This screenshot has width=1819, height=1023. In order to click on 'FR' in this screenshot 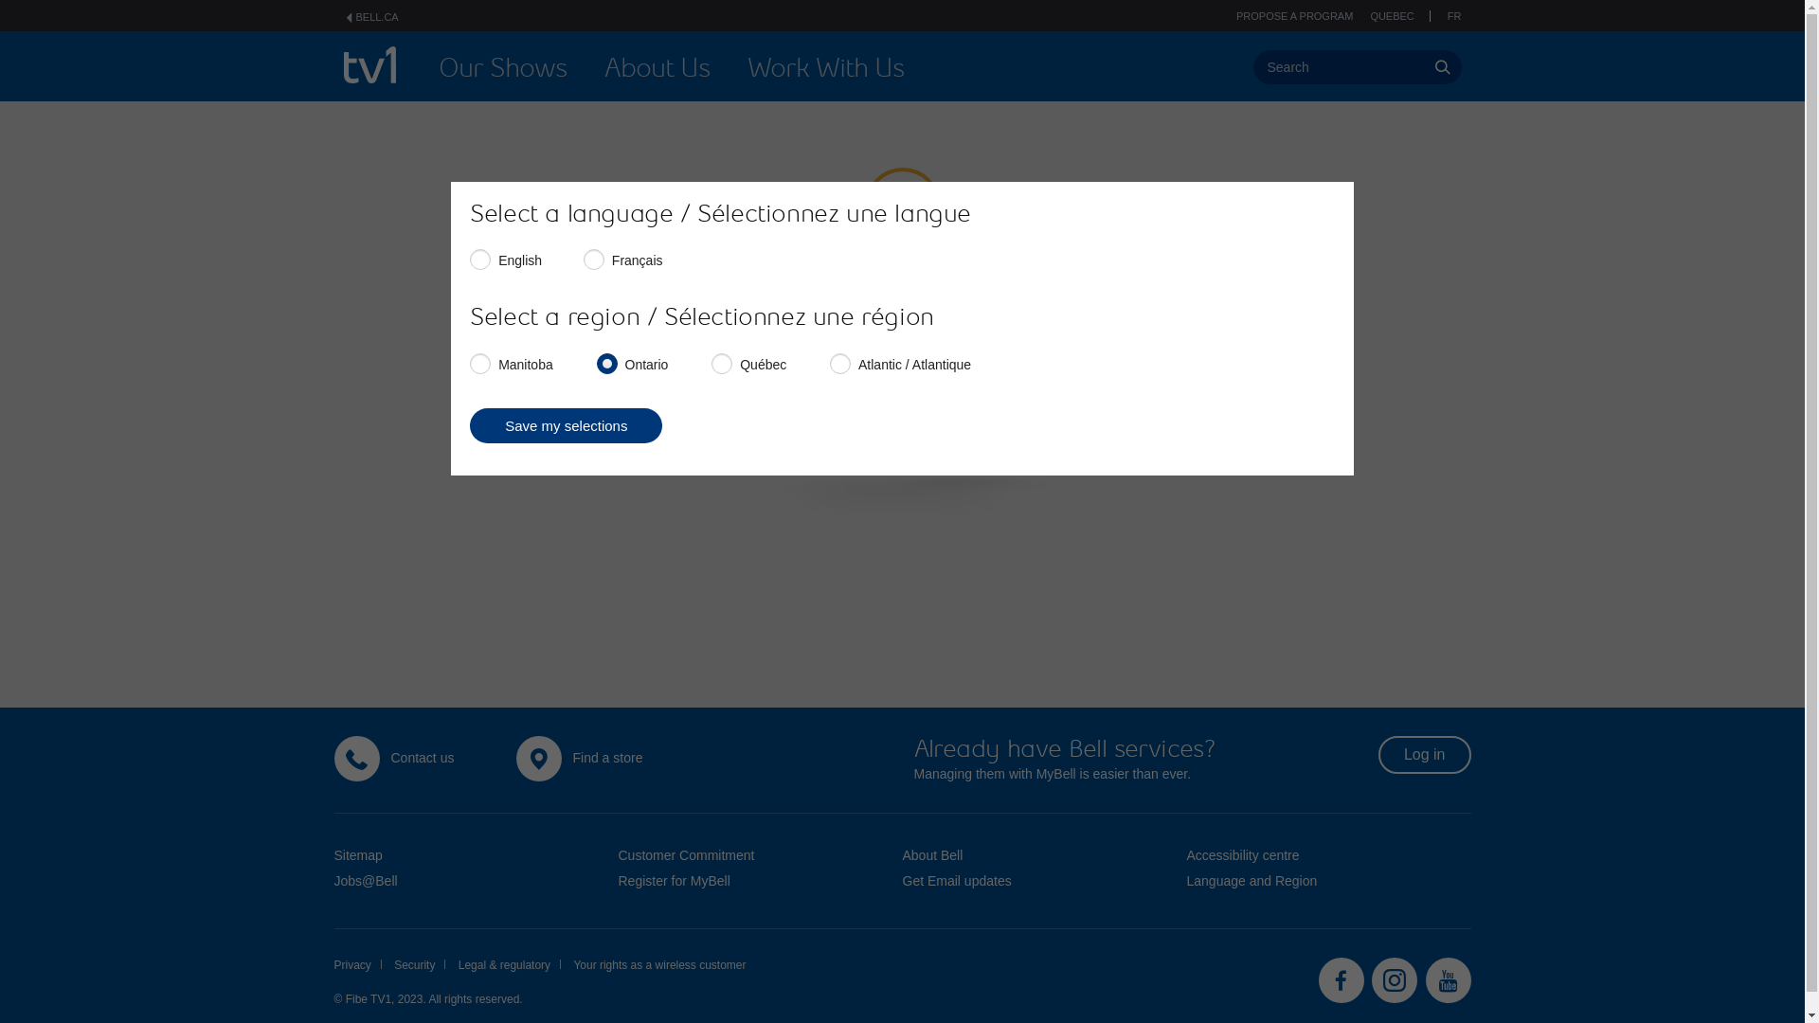, I will do `click(1453, 15)`.